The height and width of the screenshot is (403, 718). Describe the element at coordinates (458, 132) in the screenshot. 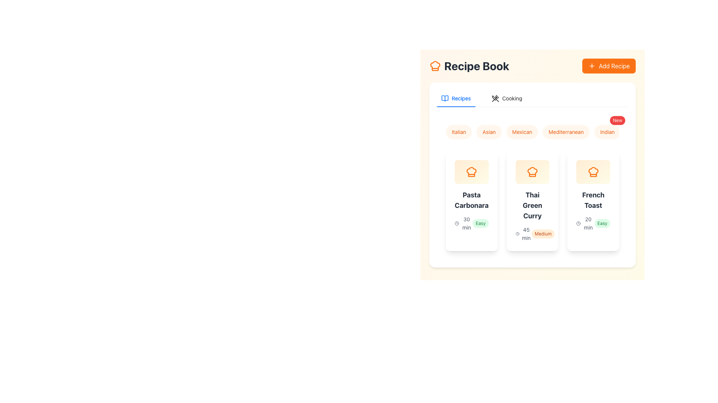

I see `the 'Italian' filter button to filter the displayed recipes to show only Italian recipes` at that location.